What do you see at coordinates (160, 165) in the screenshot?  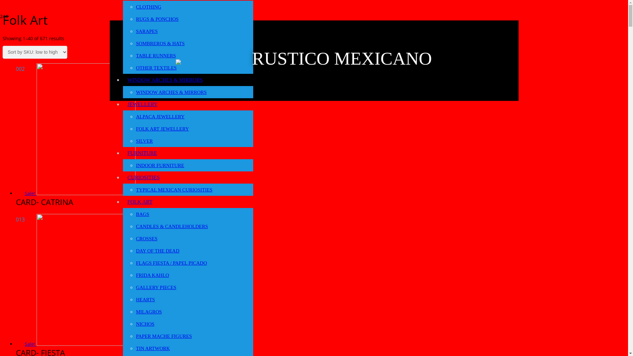 I see `'INDOOR FURNITURE'` at bounding box center [160, 165].